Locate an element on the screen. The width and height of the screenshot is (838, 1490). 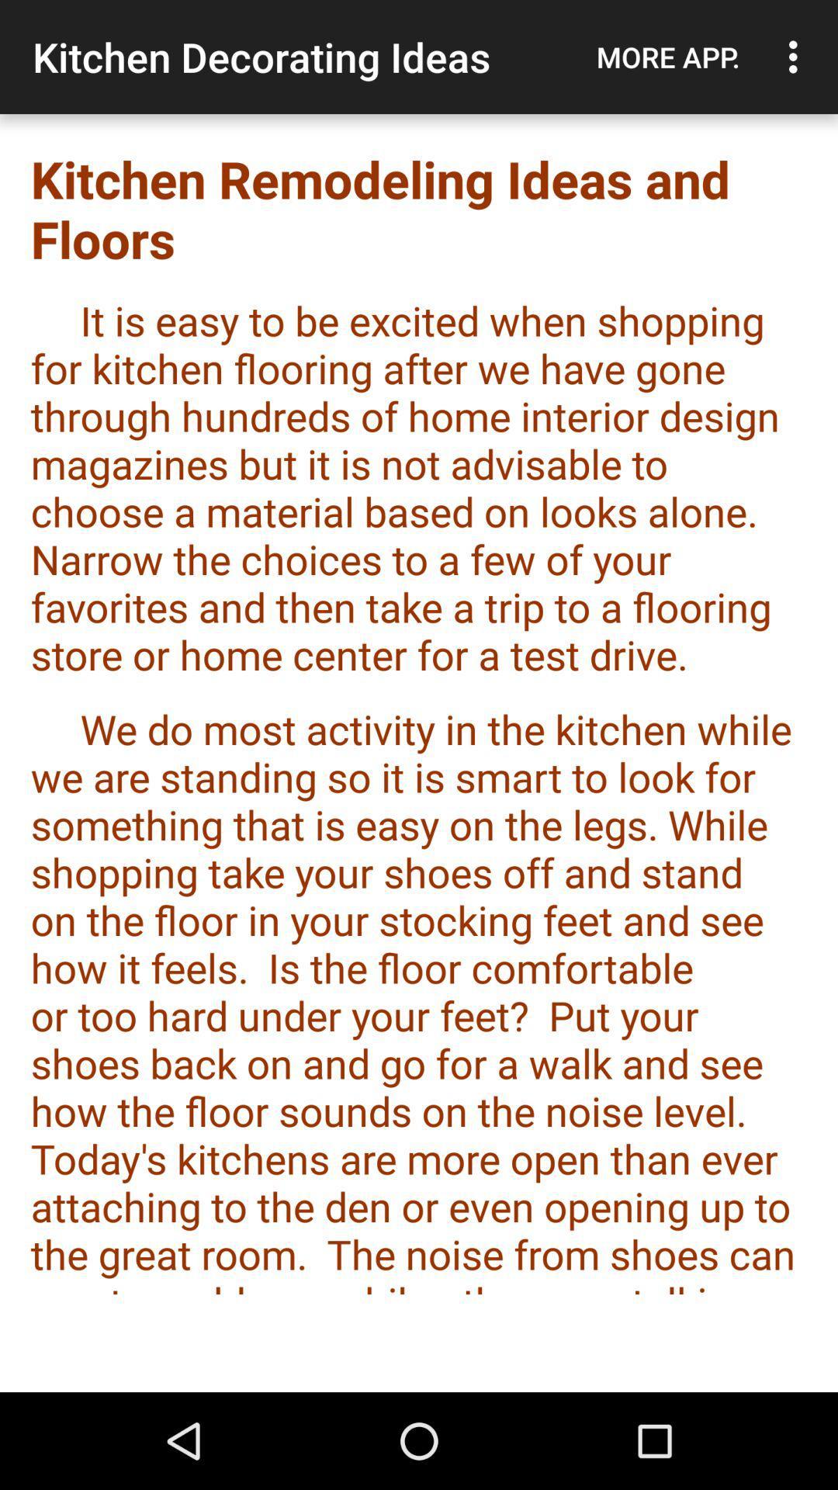
the icon above the kitchen remodeling ideas icon is located at coordinates (667, 57).